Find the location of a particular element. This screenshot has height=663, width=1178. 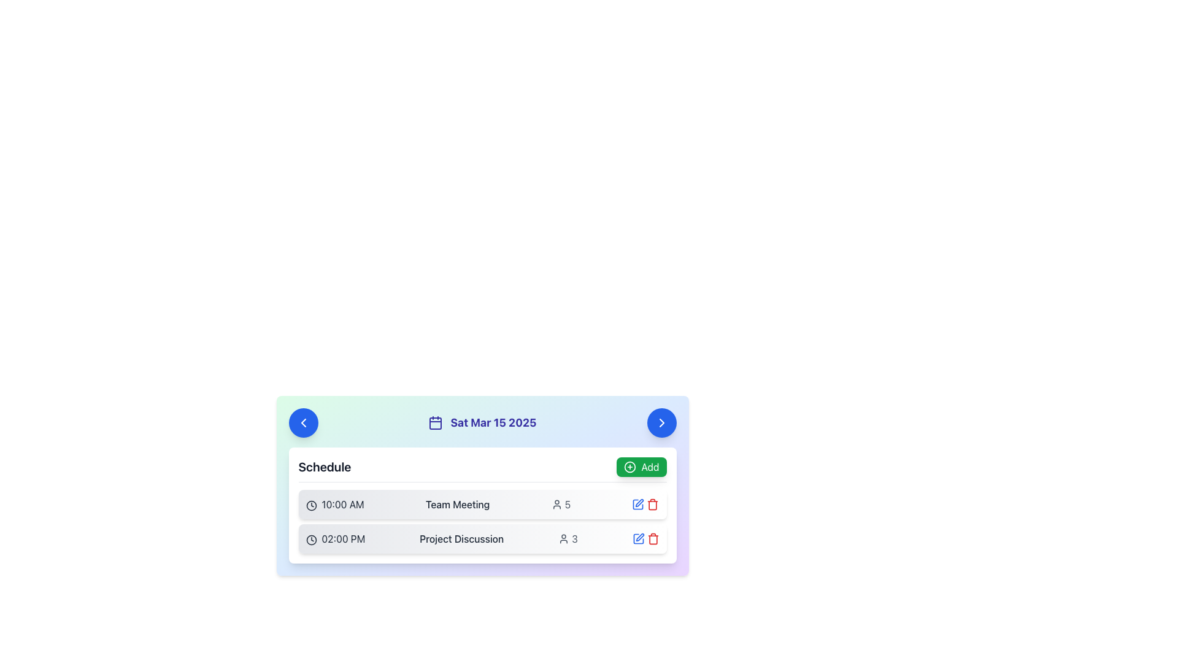

text label displaying 'Team Meeting', which is styled in gray color and medium font weight, located in the schedule list next to the '10:00 AM' time indicator is located at coordinates (457, 504).